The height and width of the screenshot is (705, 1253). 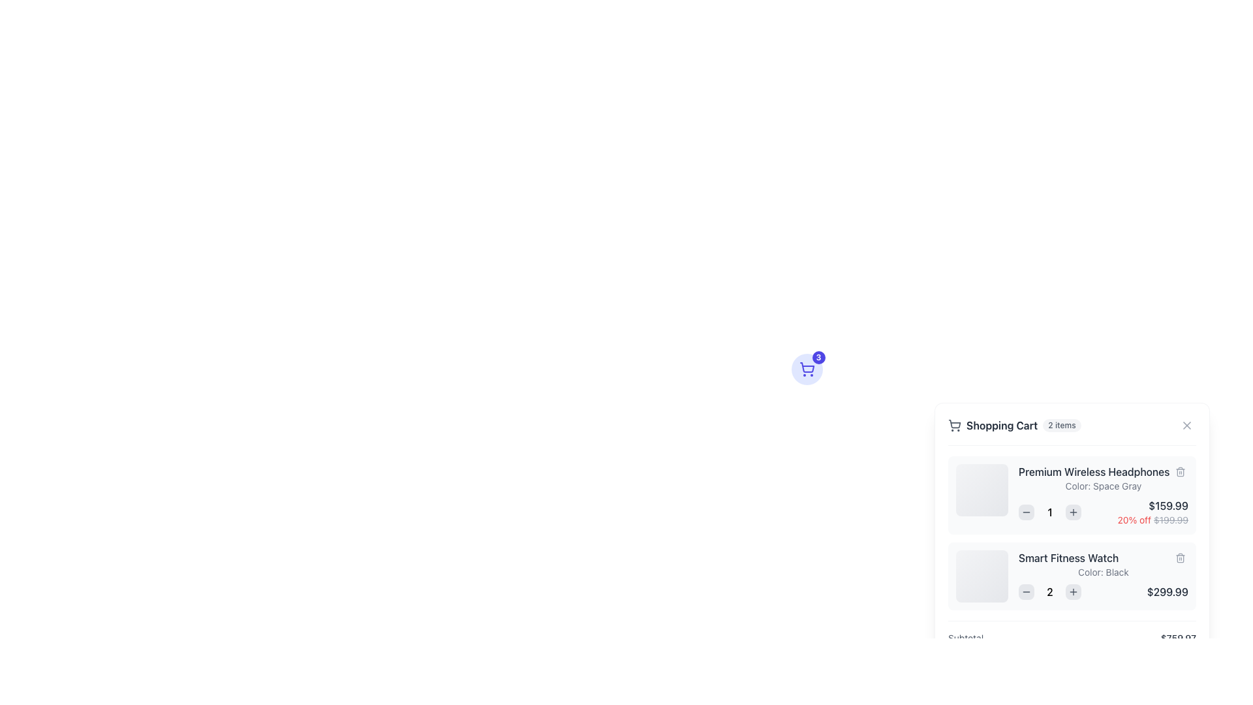 What do you see at coordinates (1049, 512) in the screenshot?
I see `the quantity display label for the 'Premium Wireless Headphones' item in the shopping cart interface, located between the decrement and increment buttons` at bounding box center [1049, 512].